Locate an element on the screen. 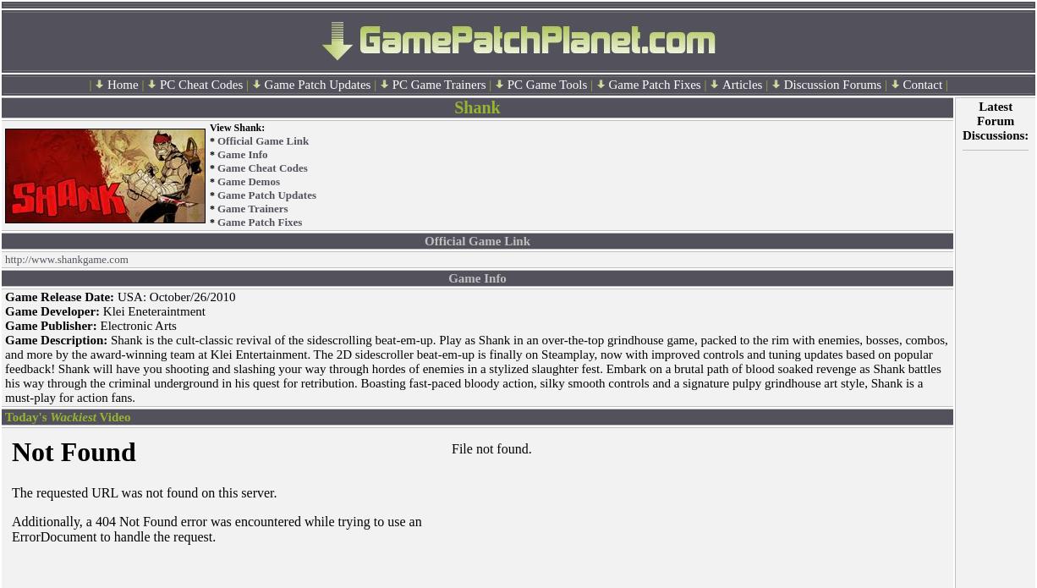 The width and height of the screenshot is (1037, 588). 'Game Trainers' is located at coordinates (217, 207).